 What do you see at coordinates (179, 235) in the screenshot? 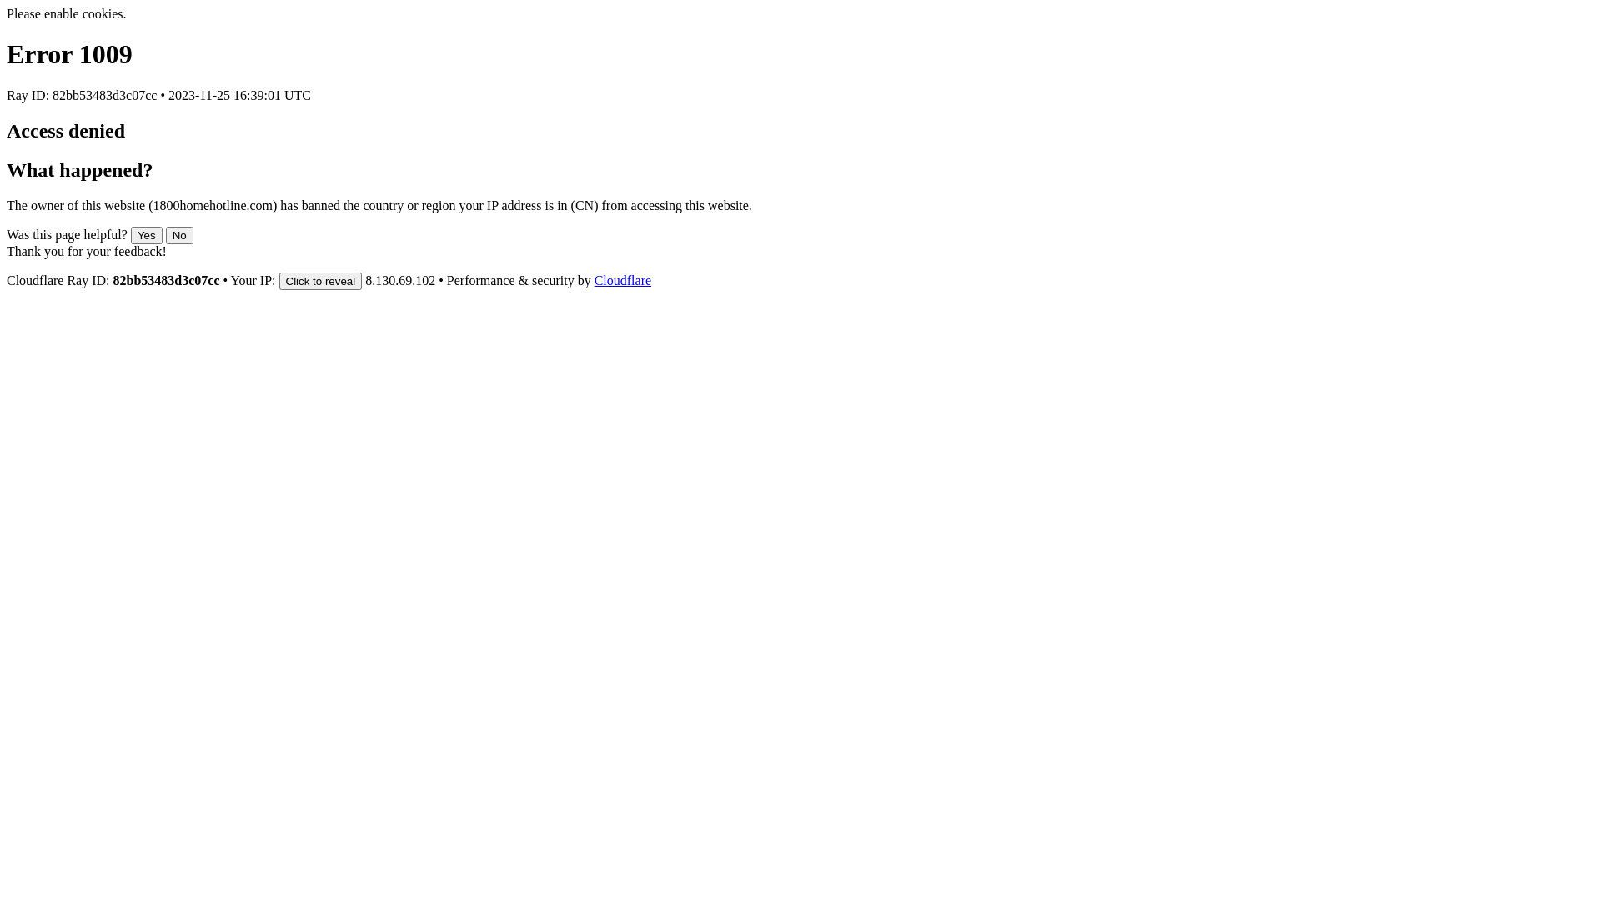
I see `'No'` at bounding box center [179, 235].